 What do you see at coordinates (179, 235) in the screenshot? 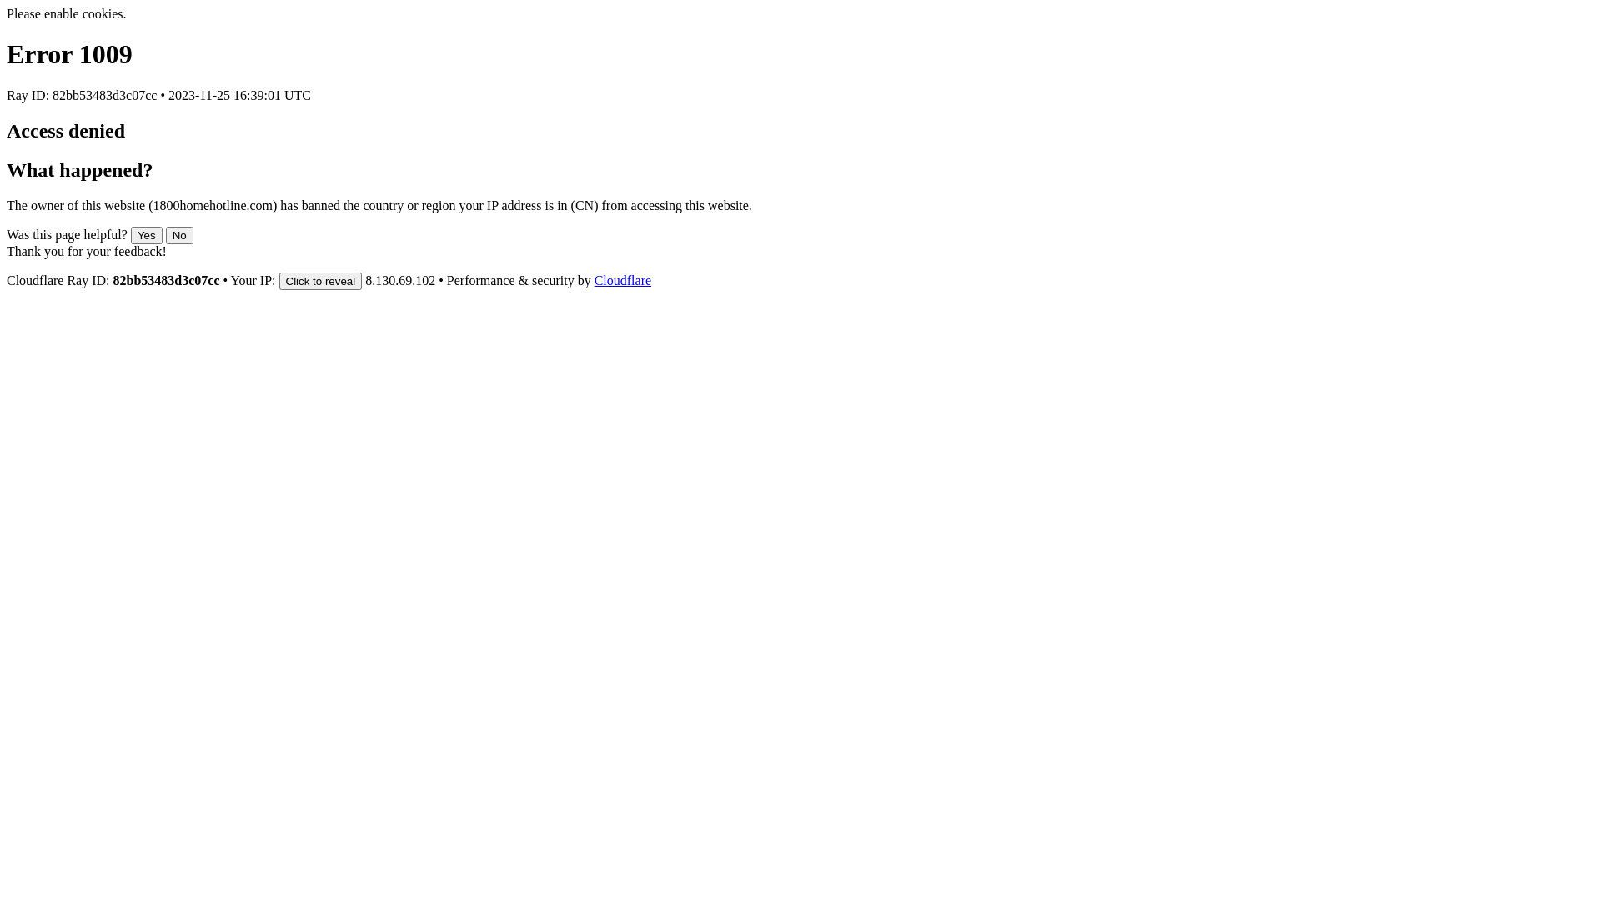
I see `'No'` at bounding box center [179, 235].